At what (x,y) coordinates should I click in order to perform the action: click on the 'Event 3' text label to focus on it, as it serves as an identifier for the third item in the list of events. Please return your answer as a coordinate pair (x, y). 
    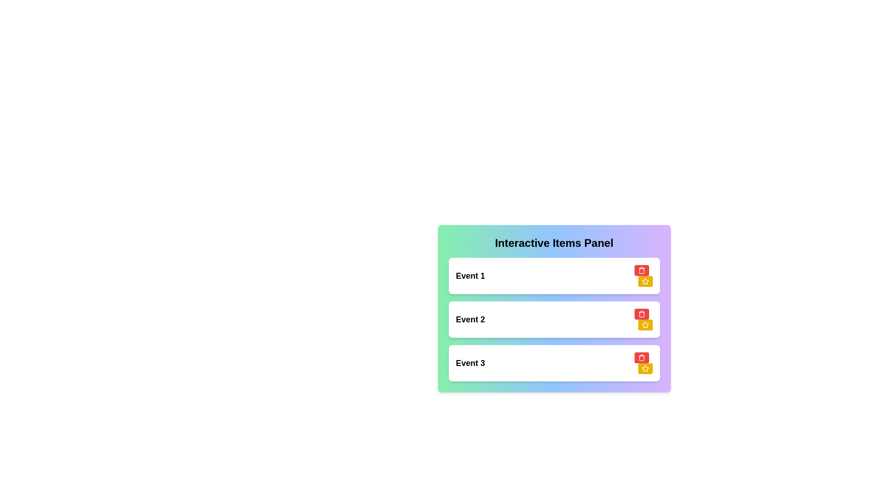
    Looking at the image, I should click on (470, 362).